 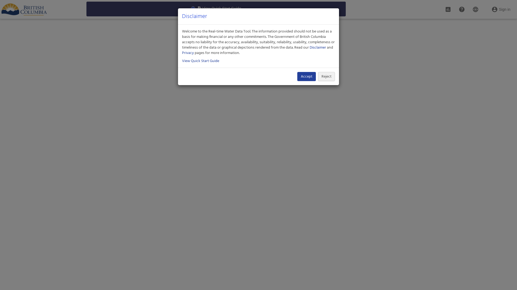 What do you see at coordinates (448, 7) in the screenshot?
I see `'assessment'` at bounding box center [448, 7].